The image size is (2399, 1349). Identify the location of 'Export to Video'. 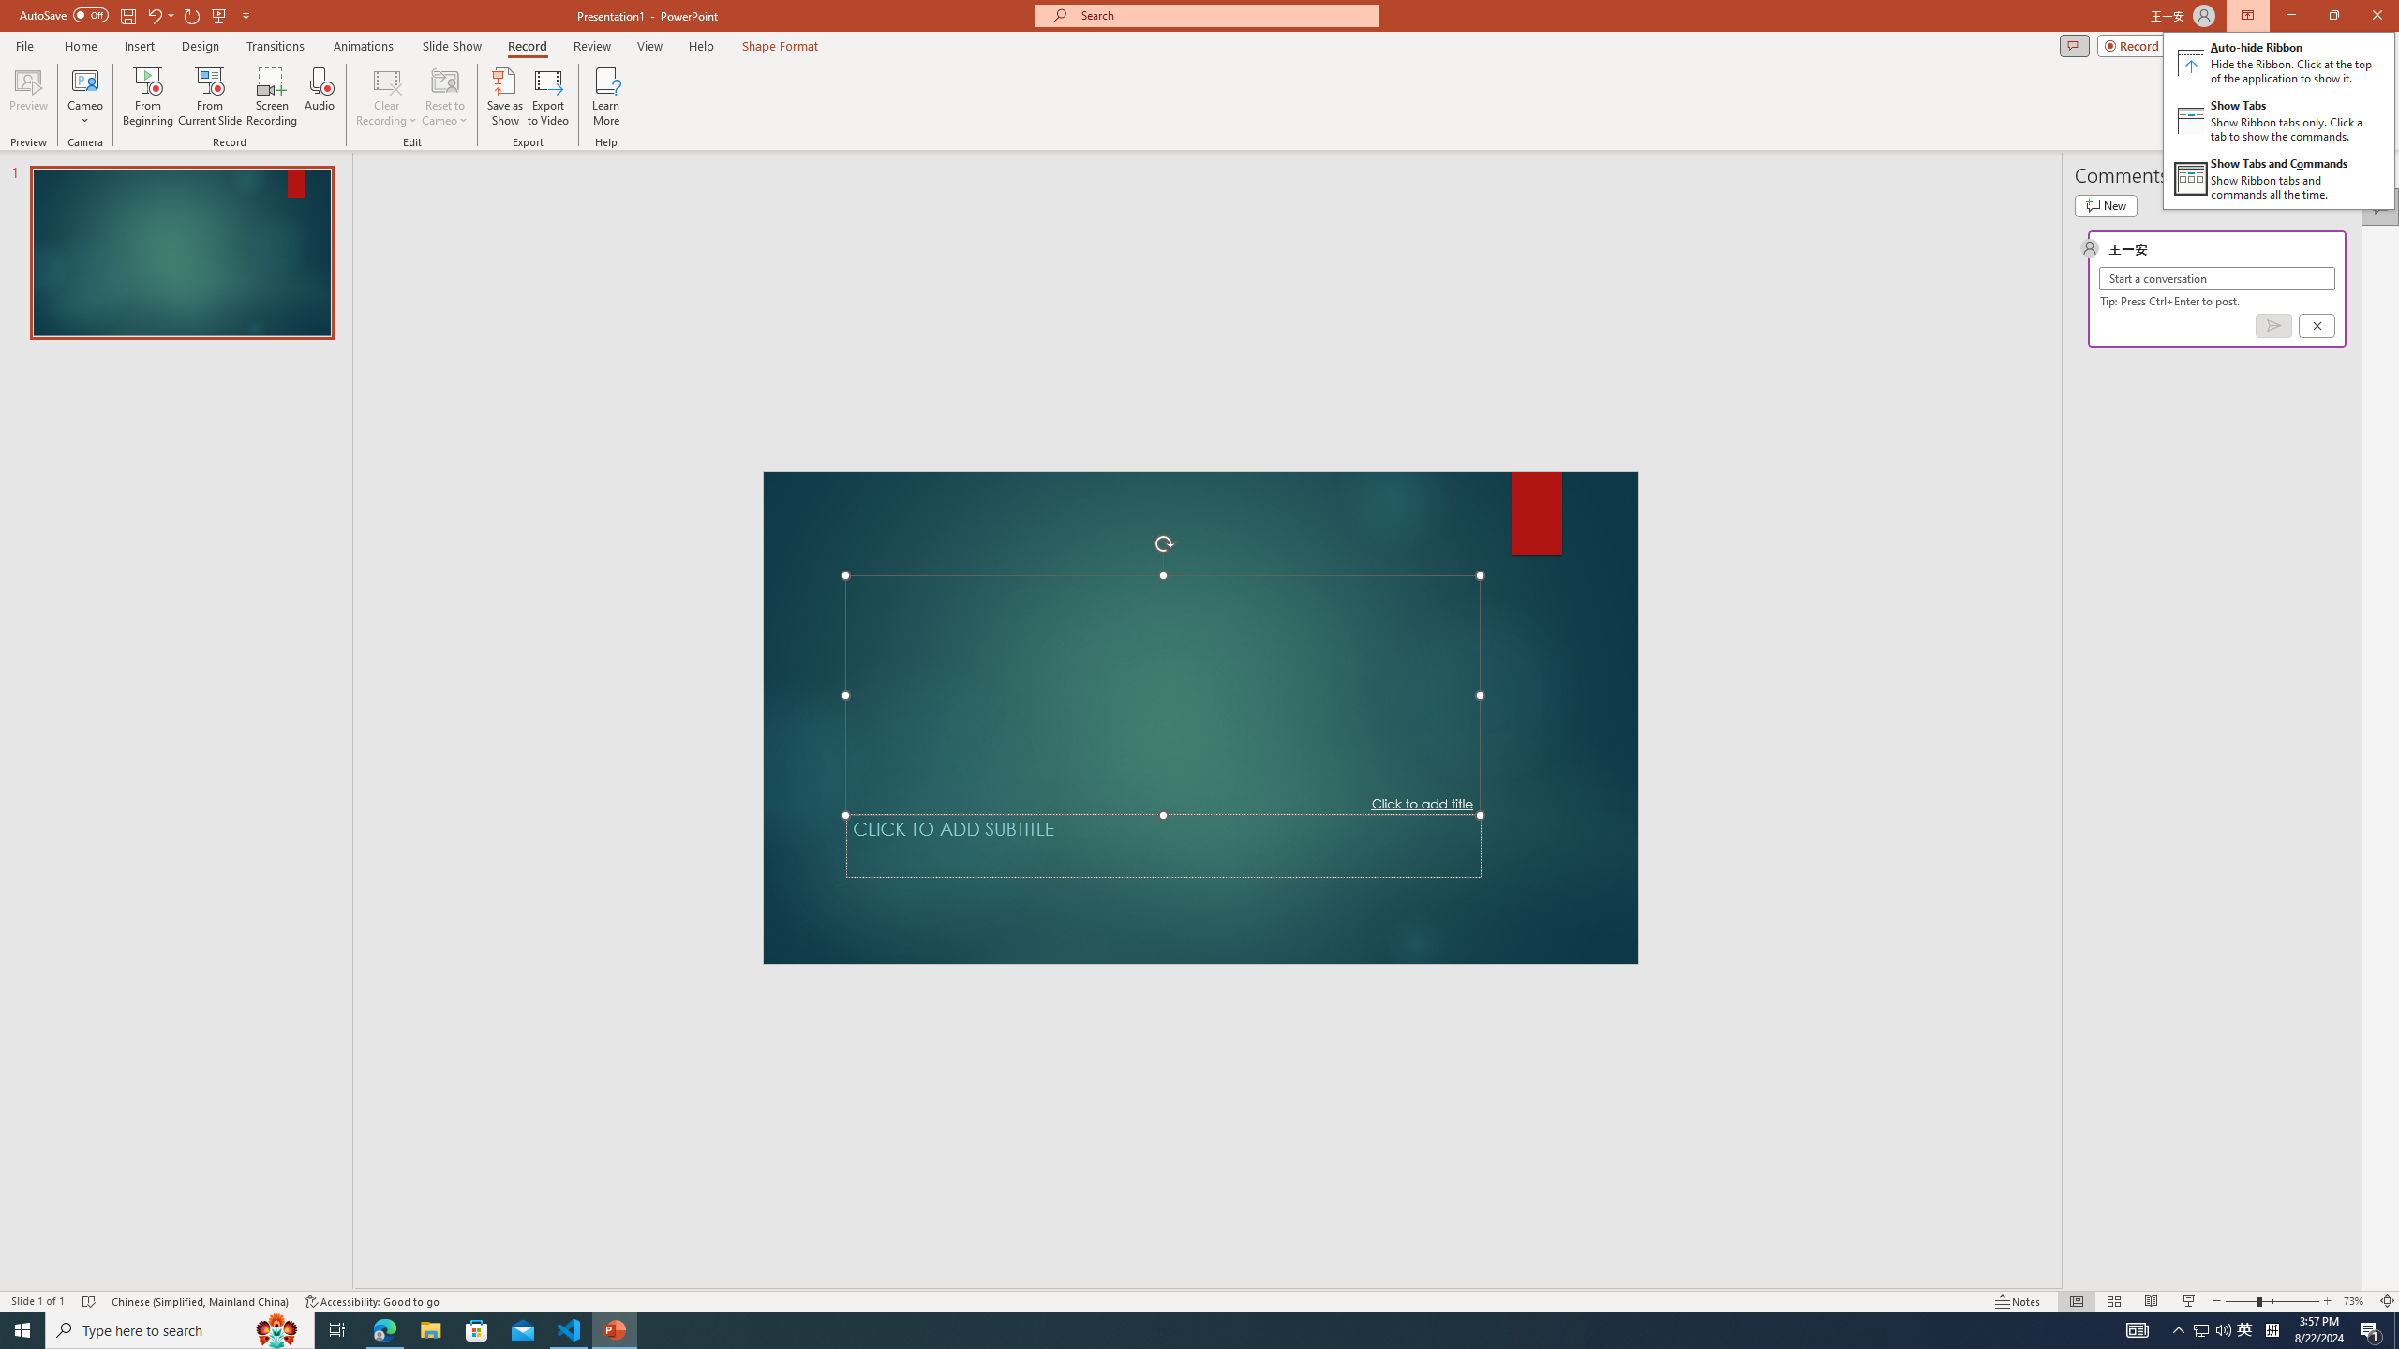
(546, 96).